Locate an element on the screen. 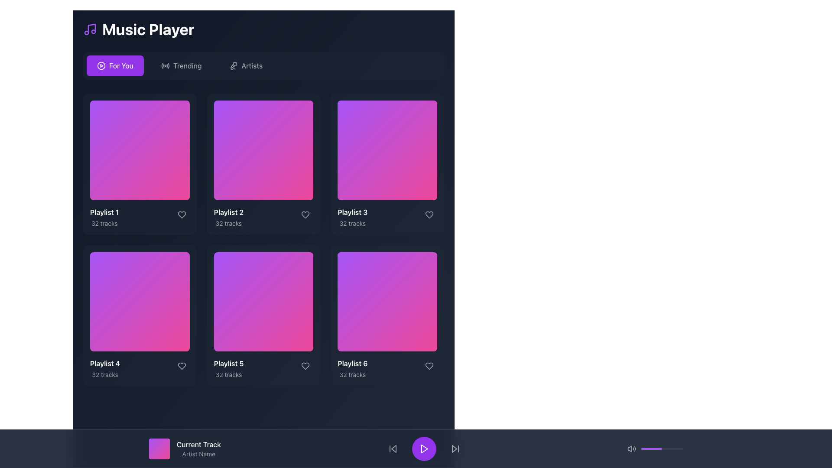 This screenshot has height=468, width=832. the non-interactive text label 'Playlist 4' located at the bottom-left section of the fourth playlist card in a 2-by-3 grid layout is located at coordinates (104, 364).